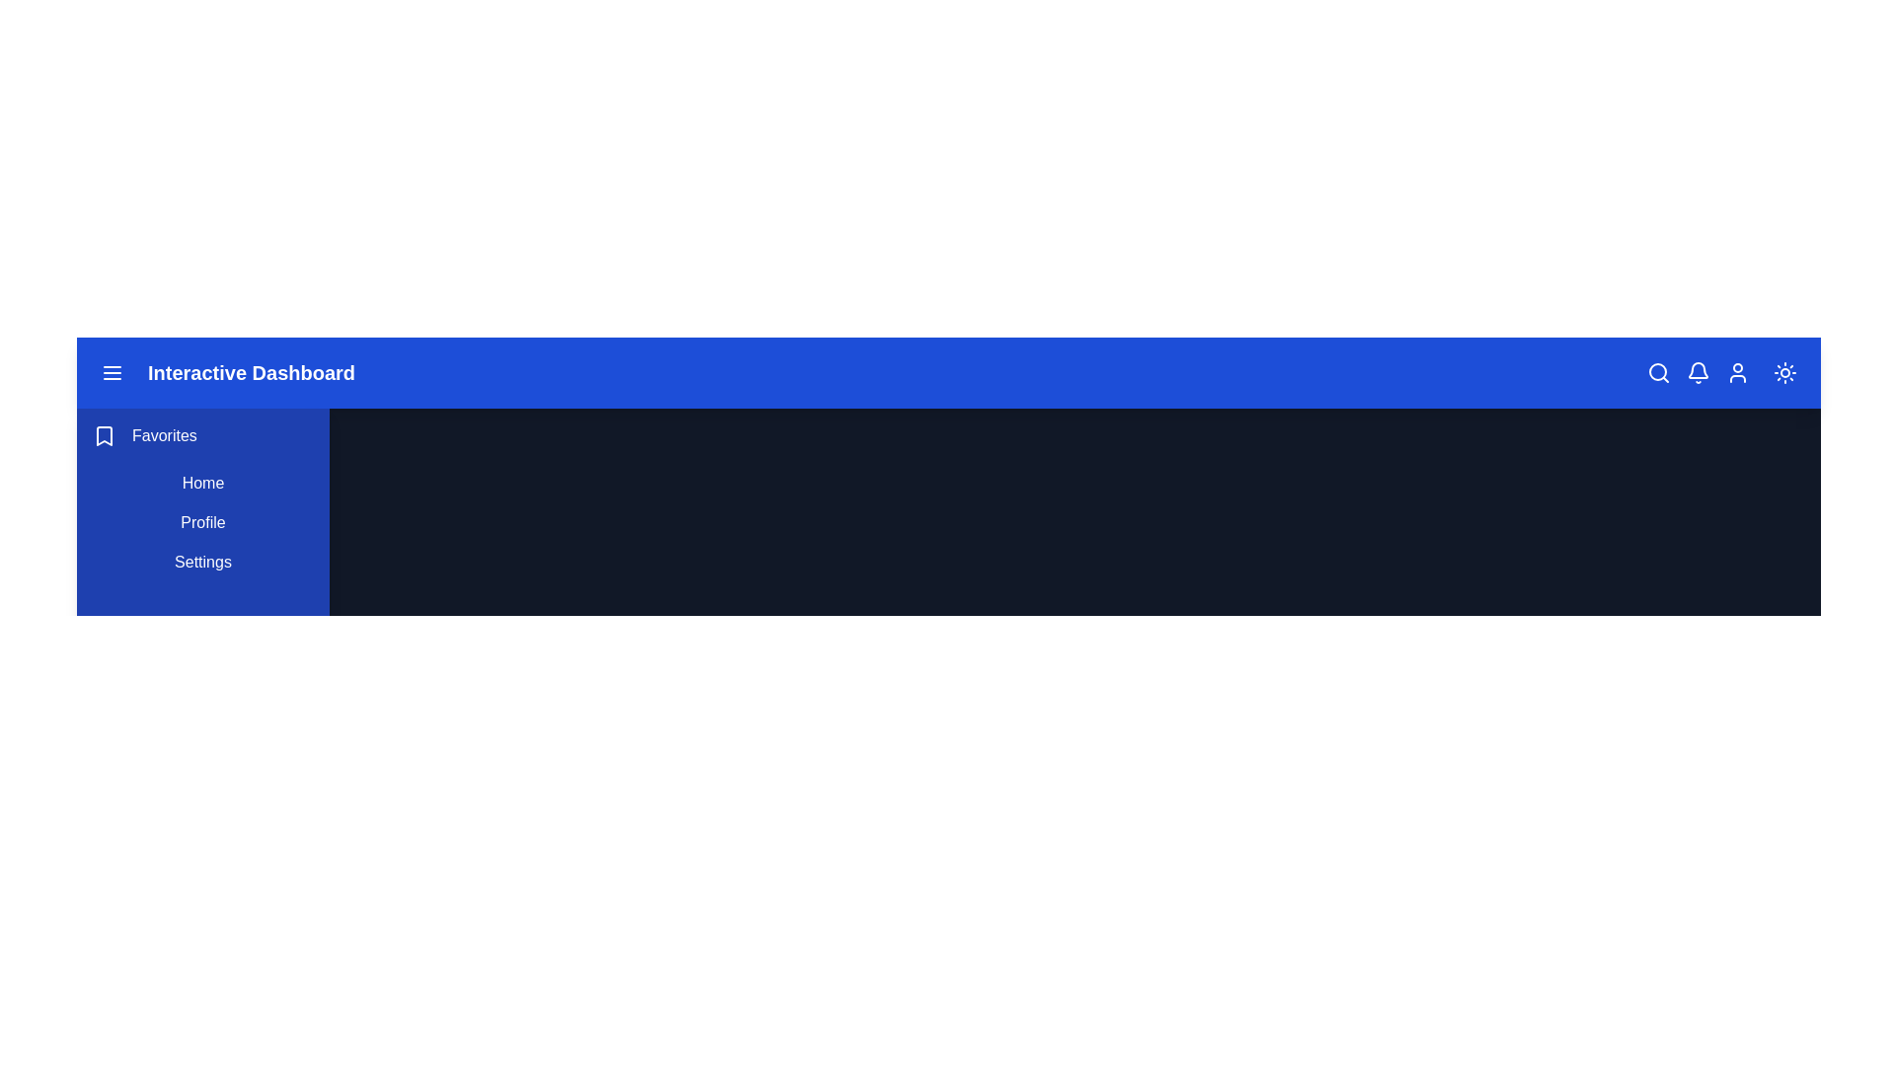 Image resolution: width=1895 pixels, height=1066 pixels. What do you see at coordinates (203, 563) in the screenshot?
I see `the 'Settings' button in the sidebar to navigate to the Settings page` at bounding box center [203, 563].